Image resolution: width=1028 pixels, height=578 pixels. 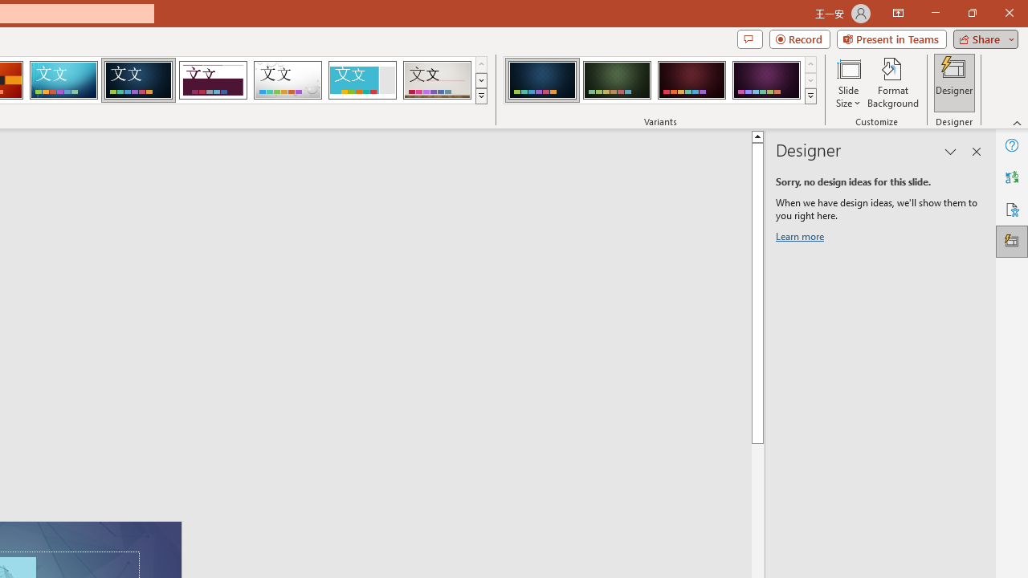 What do you see at coordinates (288, 80) in the screenshot?
I see `'Droplet'` at bounding box center [288, 80].